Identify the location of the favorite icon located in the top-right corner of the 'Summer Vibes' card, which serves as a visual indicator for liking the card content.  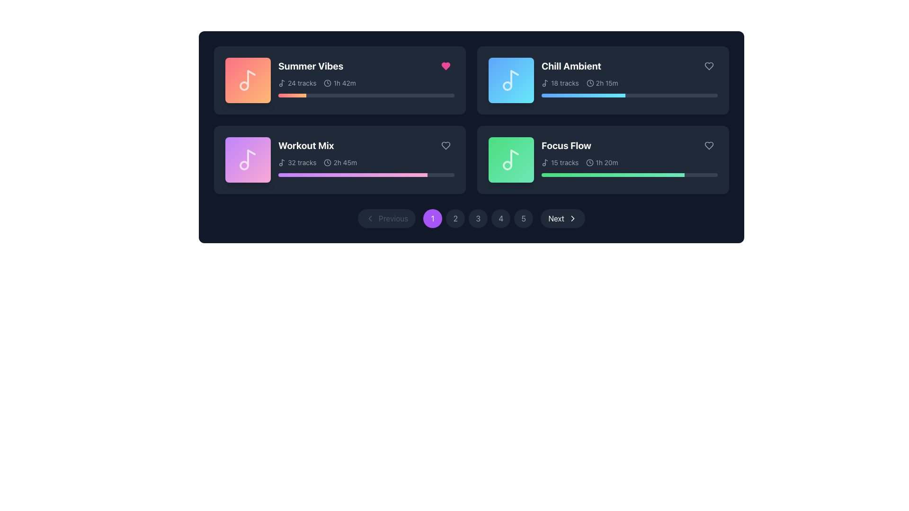
(445, 65).